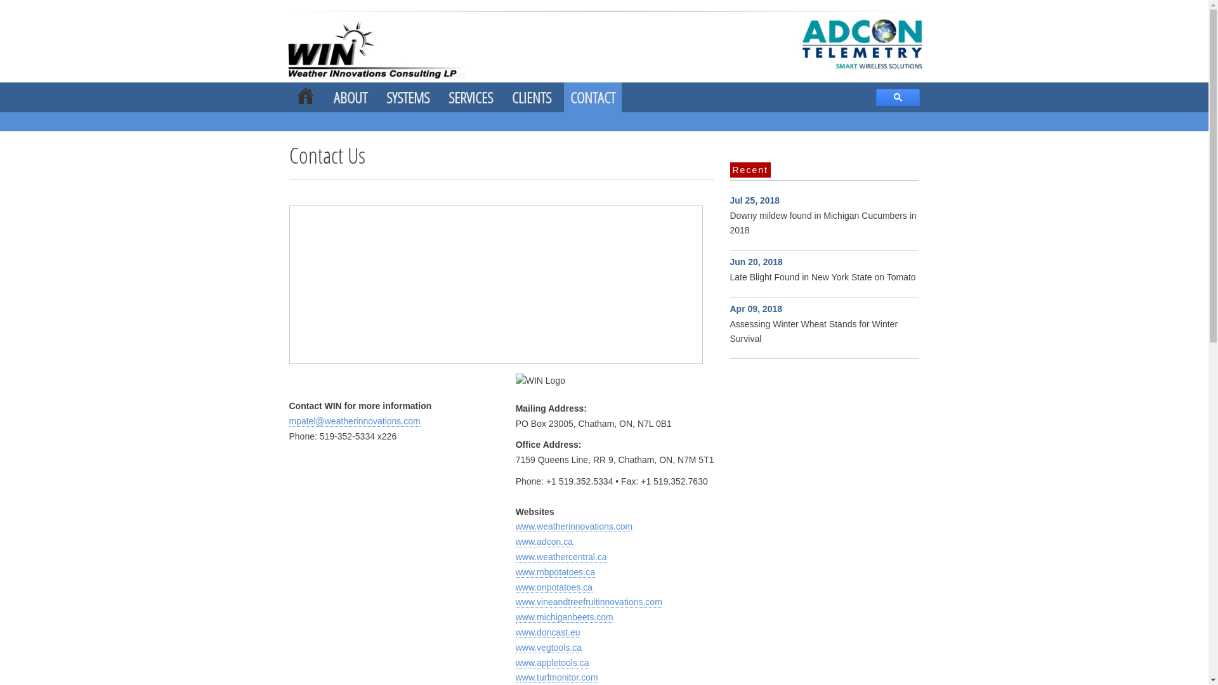 Image resolution: width=1218 pixels, height=685 pixels. Describe the element at coordinates (552, 662) in the screenshot. I see `'www.appletools.ca'` at that location.